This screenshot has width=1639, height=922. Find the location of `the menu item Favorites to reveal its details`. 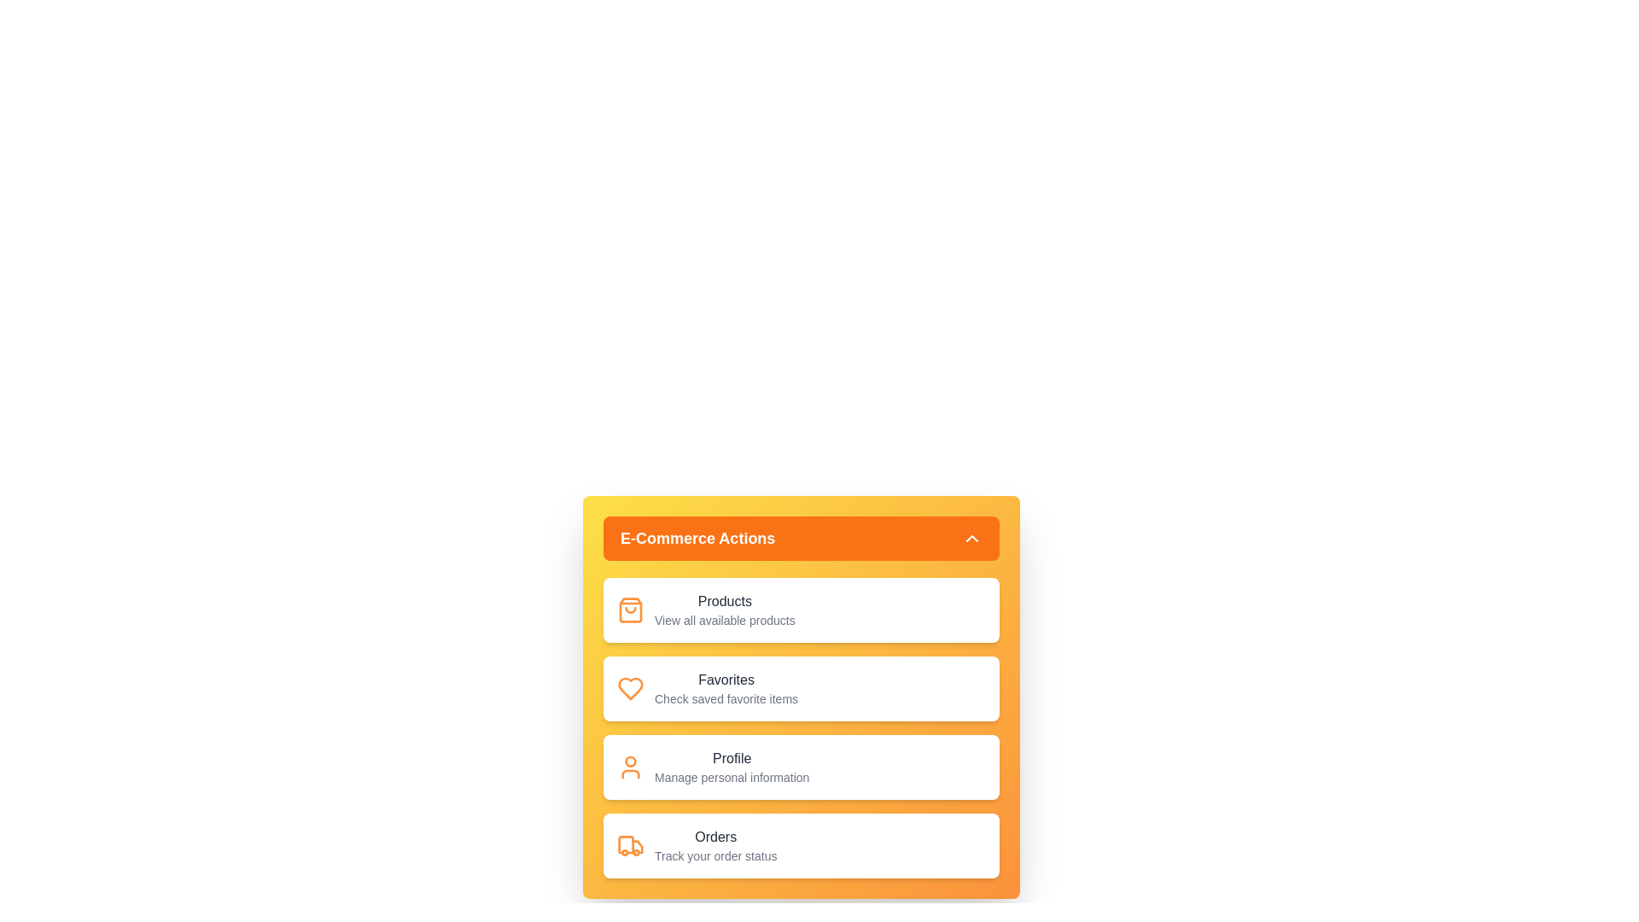

the menu item Favorites to reveal its details is located at coordinates (801, 687).